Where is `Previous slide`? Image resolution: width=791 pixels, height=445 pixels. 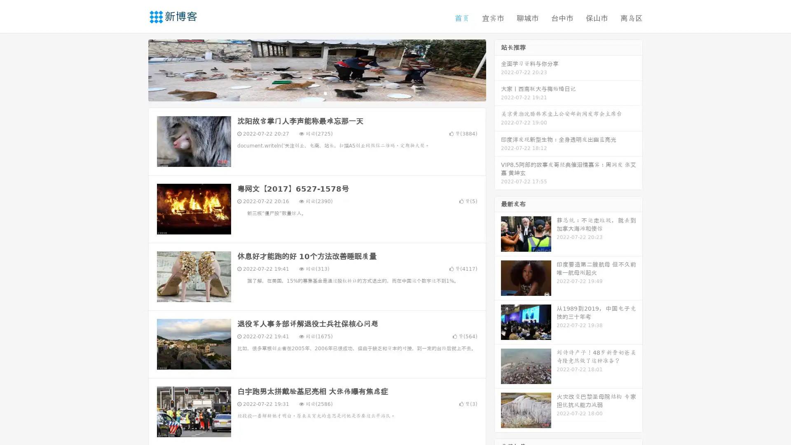 Previous slide is located at coordinates (136, 69).